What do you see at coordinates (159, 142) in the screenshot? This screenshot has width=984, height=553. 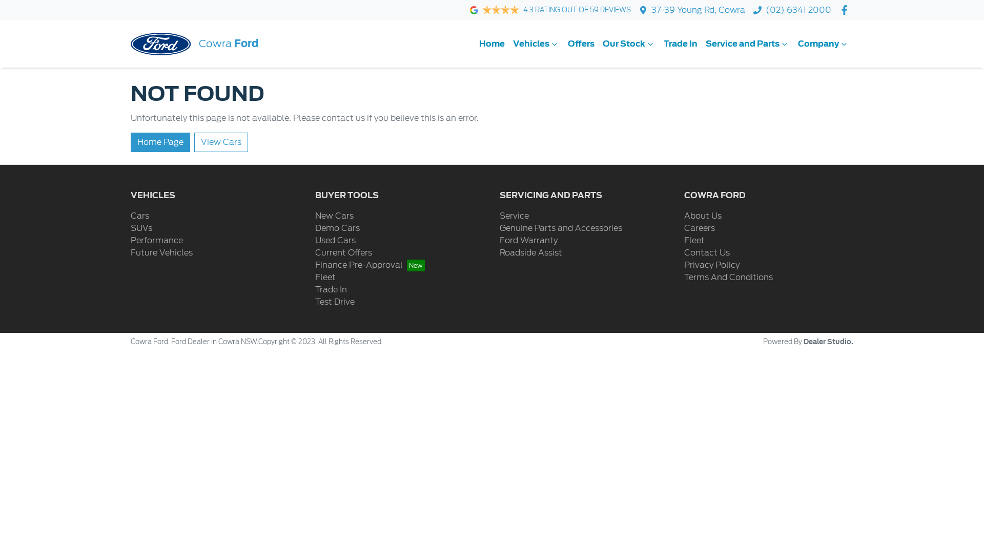 I see `'Home Page'` at bounding box center [159, 142].